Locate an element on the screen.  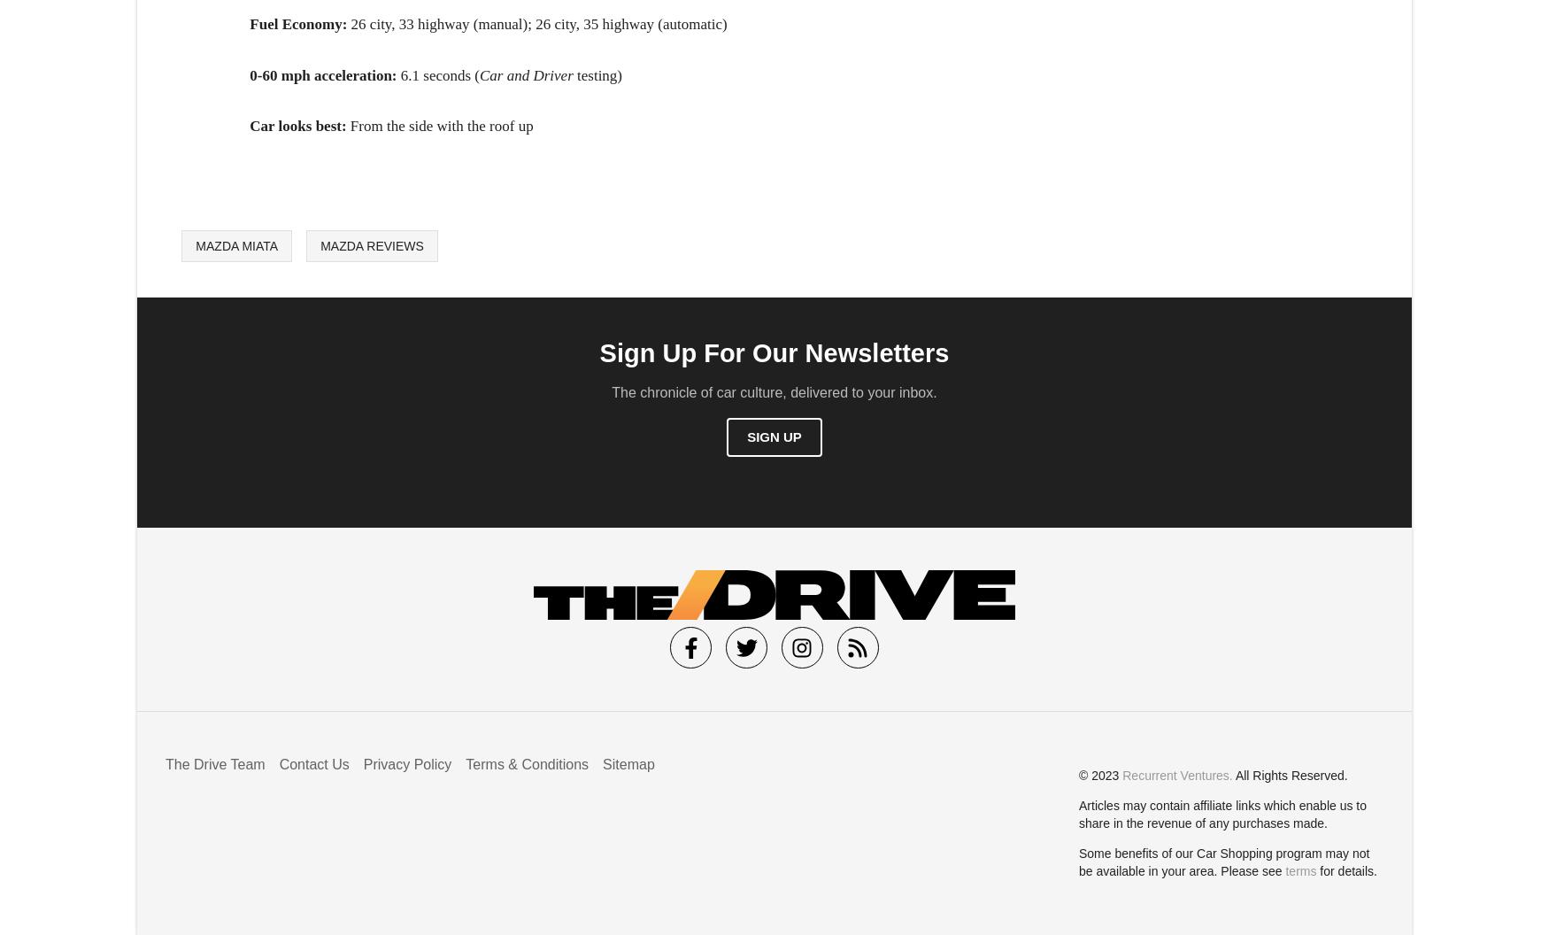
'Some benefits of our Car Shopping program may not be available in your area. Please see' is located at coordinates (1223, 862).